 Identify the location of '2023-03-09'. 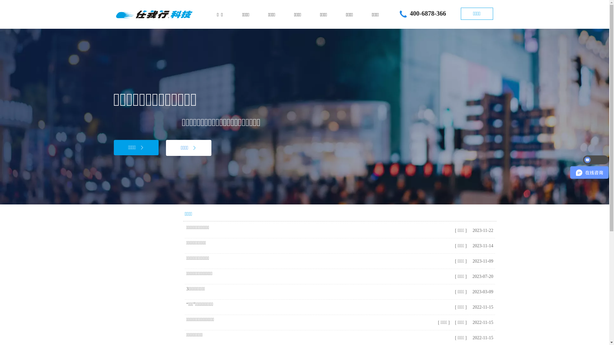
(482, 292).